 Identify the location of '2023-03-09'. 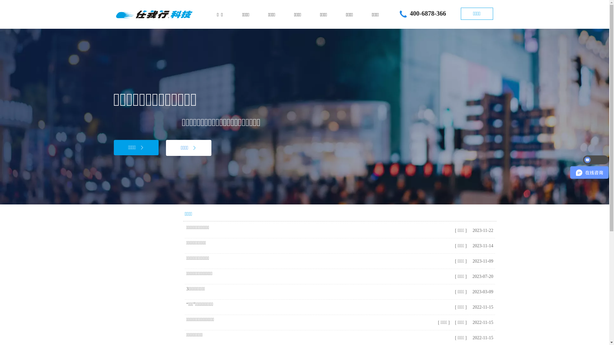
(482, 292).